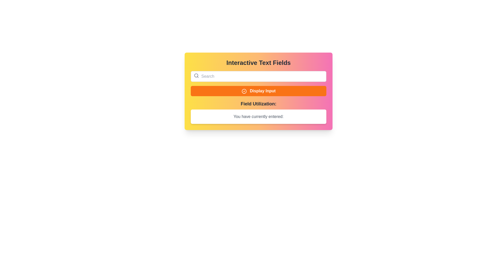 The image size is (493, 277). Describe the element at coordinates (259, 91) in the screenshot. I see `the rectangular button with an orange background and white text that reads 'Display Input', located below the search input box and above the label reading 'Field Utilization'` at that location.